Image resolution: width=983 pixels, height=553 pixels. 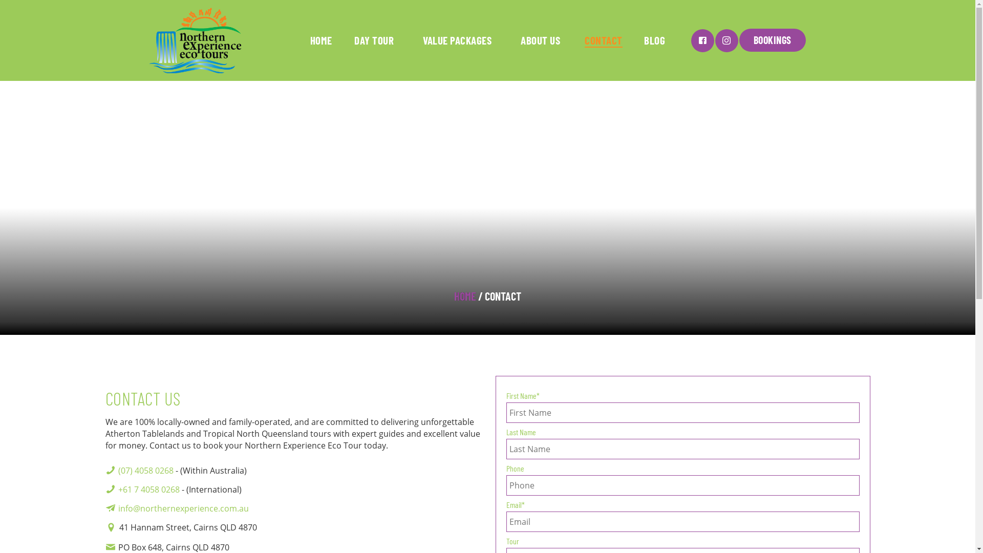 What do you see at coordinates (144, 470) in the screenshot?
I see `'(07) 4058 0268'` at bounding box center [144, 470].